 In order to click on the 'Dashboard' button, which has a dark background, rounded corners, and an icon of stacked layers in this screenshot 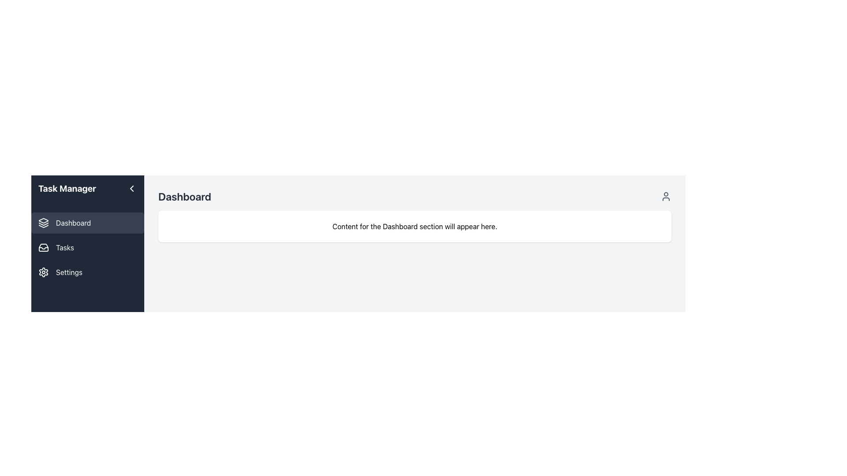, I will do `click(87, 222)`.